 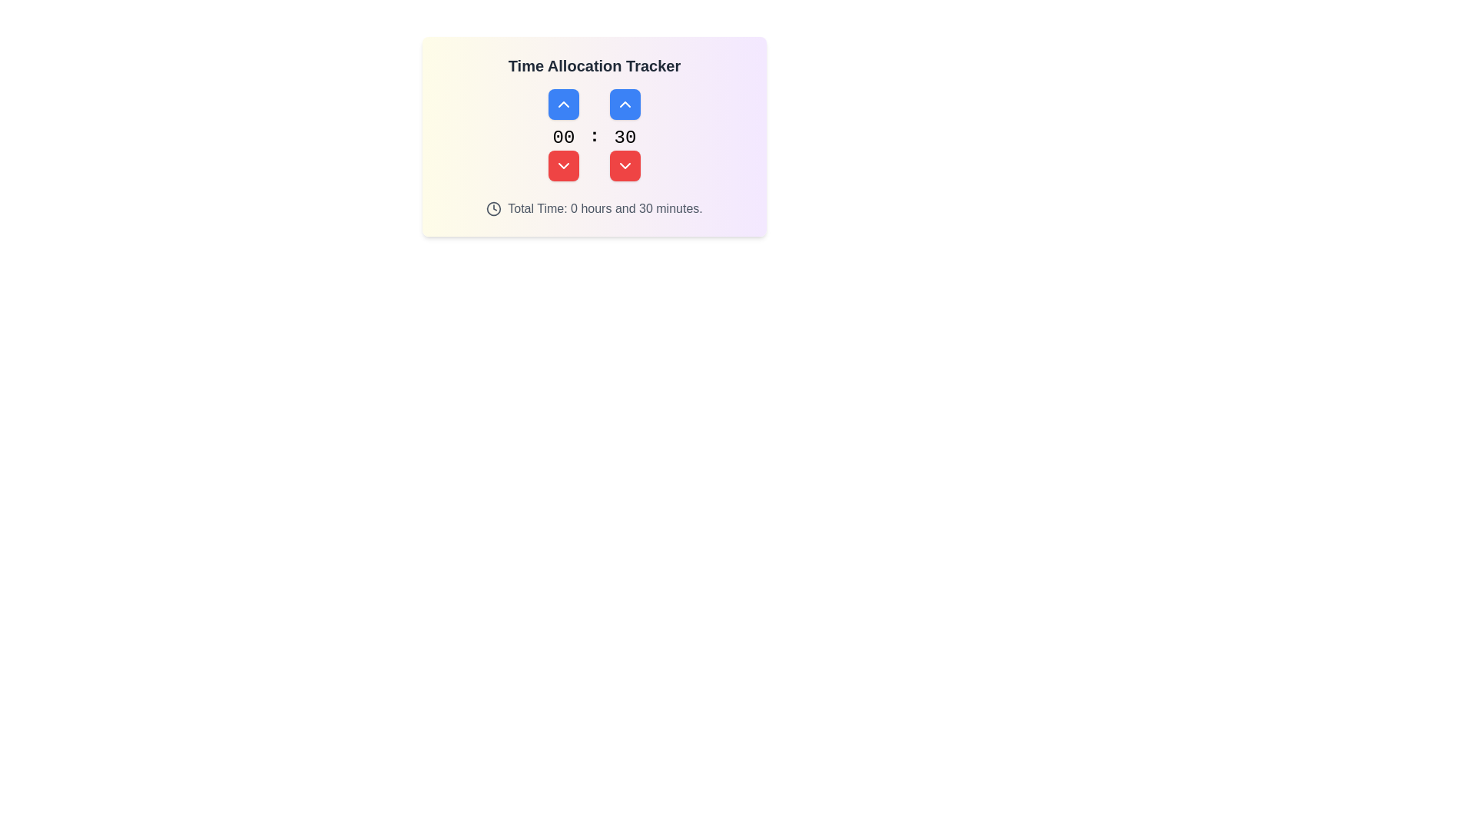 What do you see at coordinates (563, 104) in the screenshot?
I see `the first interactive button above the '00' text in the time allocation tracker to increment the hour value` at bounding box center [563, 104].